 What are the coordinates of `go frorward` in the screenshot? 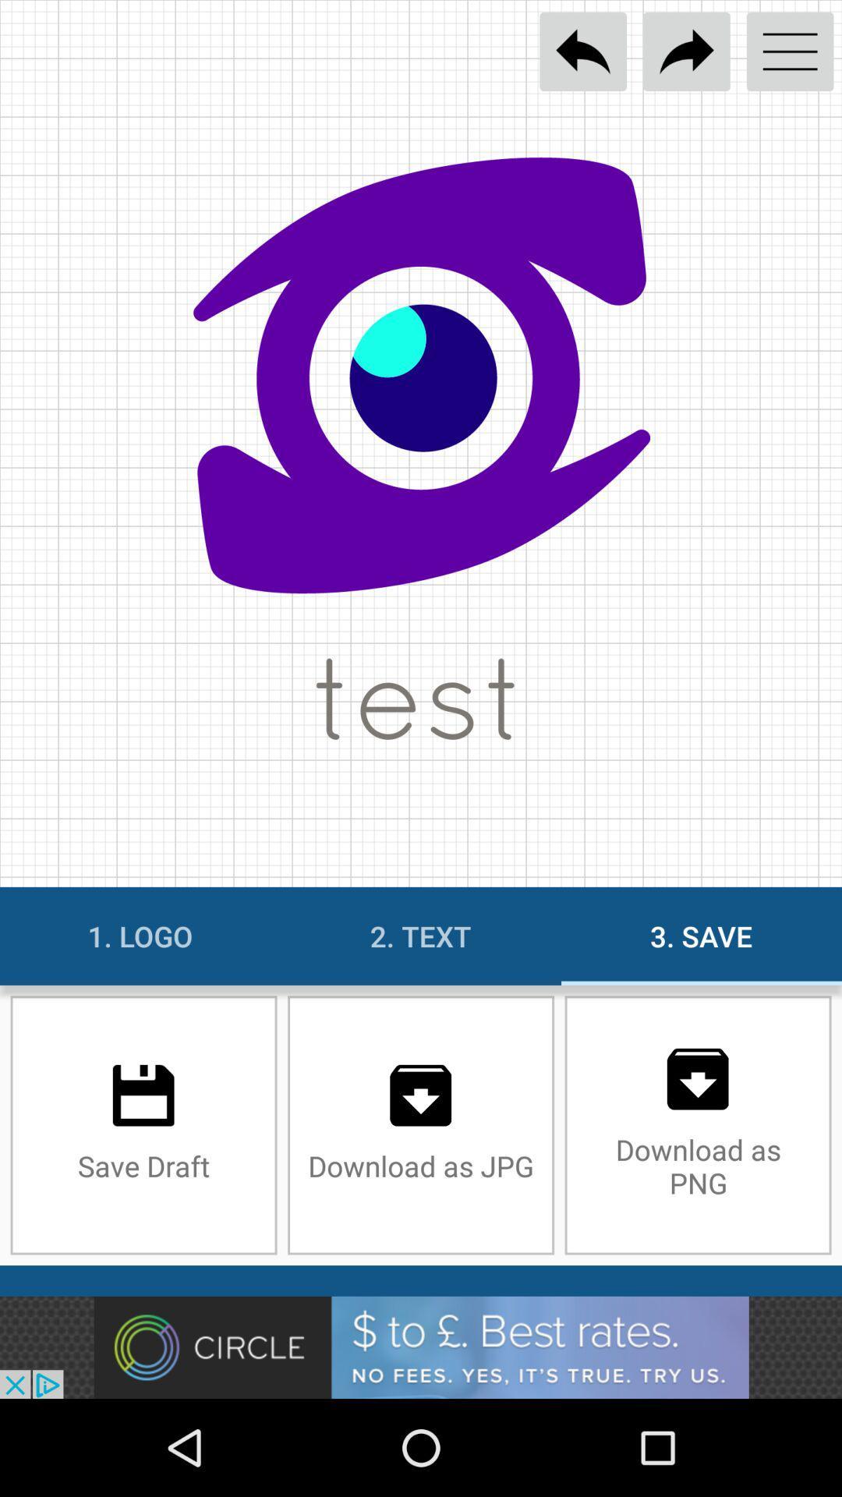 It's located at (685, 51).